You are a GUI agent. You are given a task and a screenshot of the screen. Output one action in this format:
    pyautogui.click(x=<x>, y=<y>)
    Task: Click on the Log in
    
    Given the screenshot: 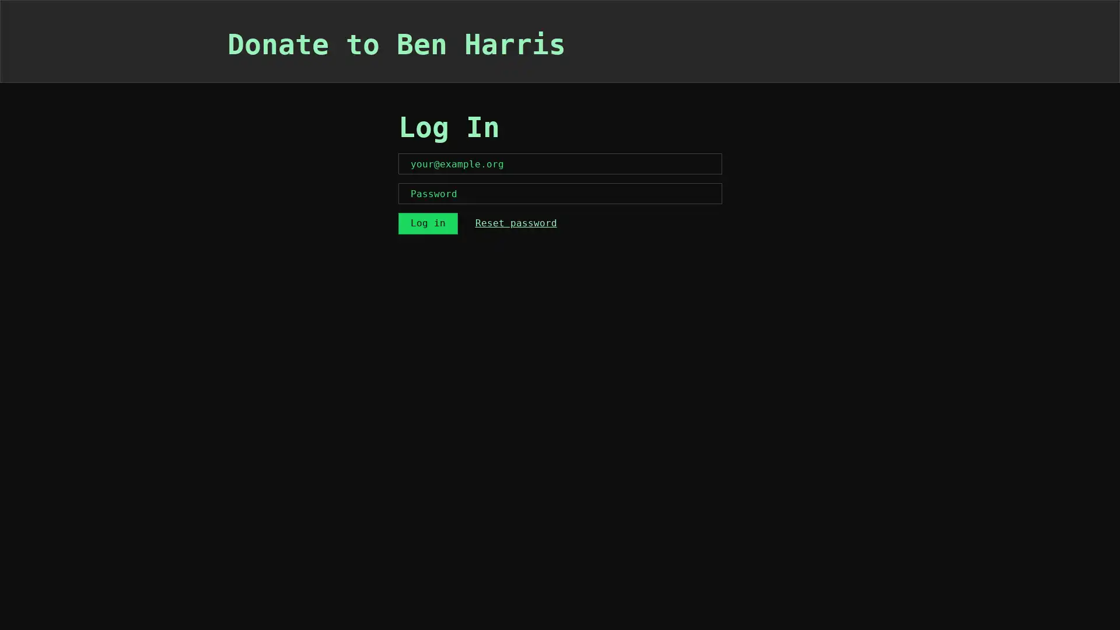 What is the action you would take?
    pyautogui.click(x=427, y=223)
    